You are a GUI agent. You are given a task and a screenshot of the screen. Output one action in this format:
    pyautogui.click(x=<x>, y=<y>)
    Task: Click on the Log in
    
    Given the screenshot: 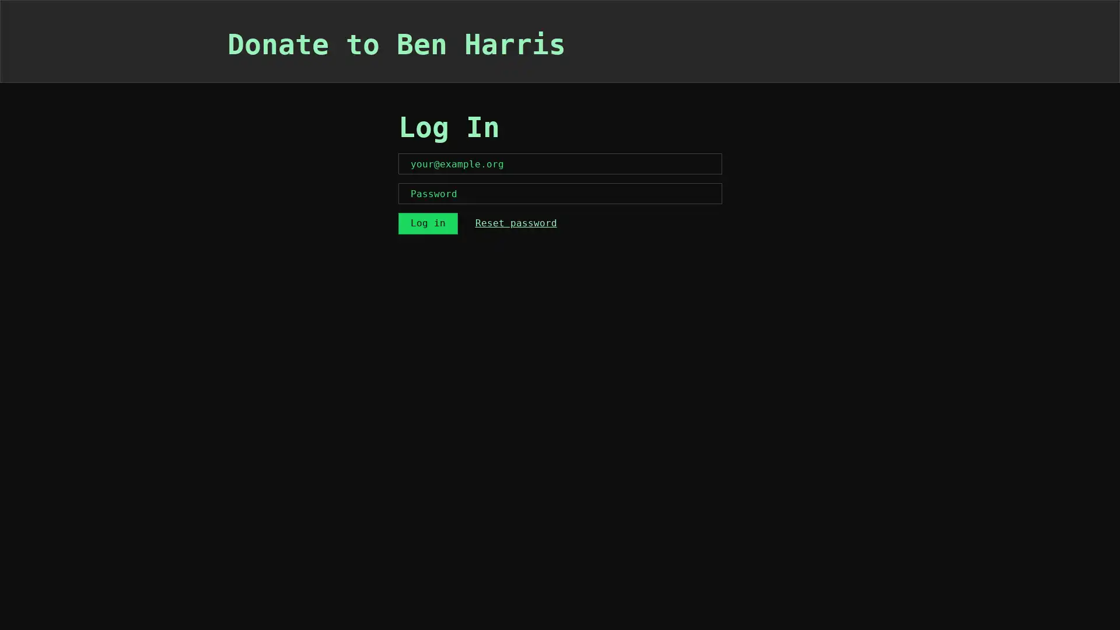 What is the action you would take?
    pyautogui.click(x=427, y=223)
    